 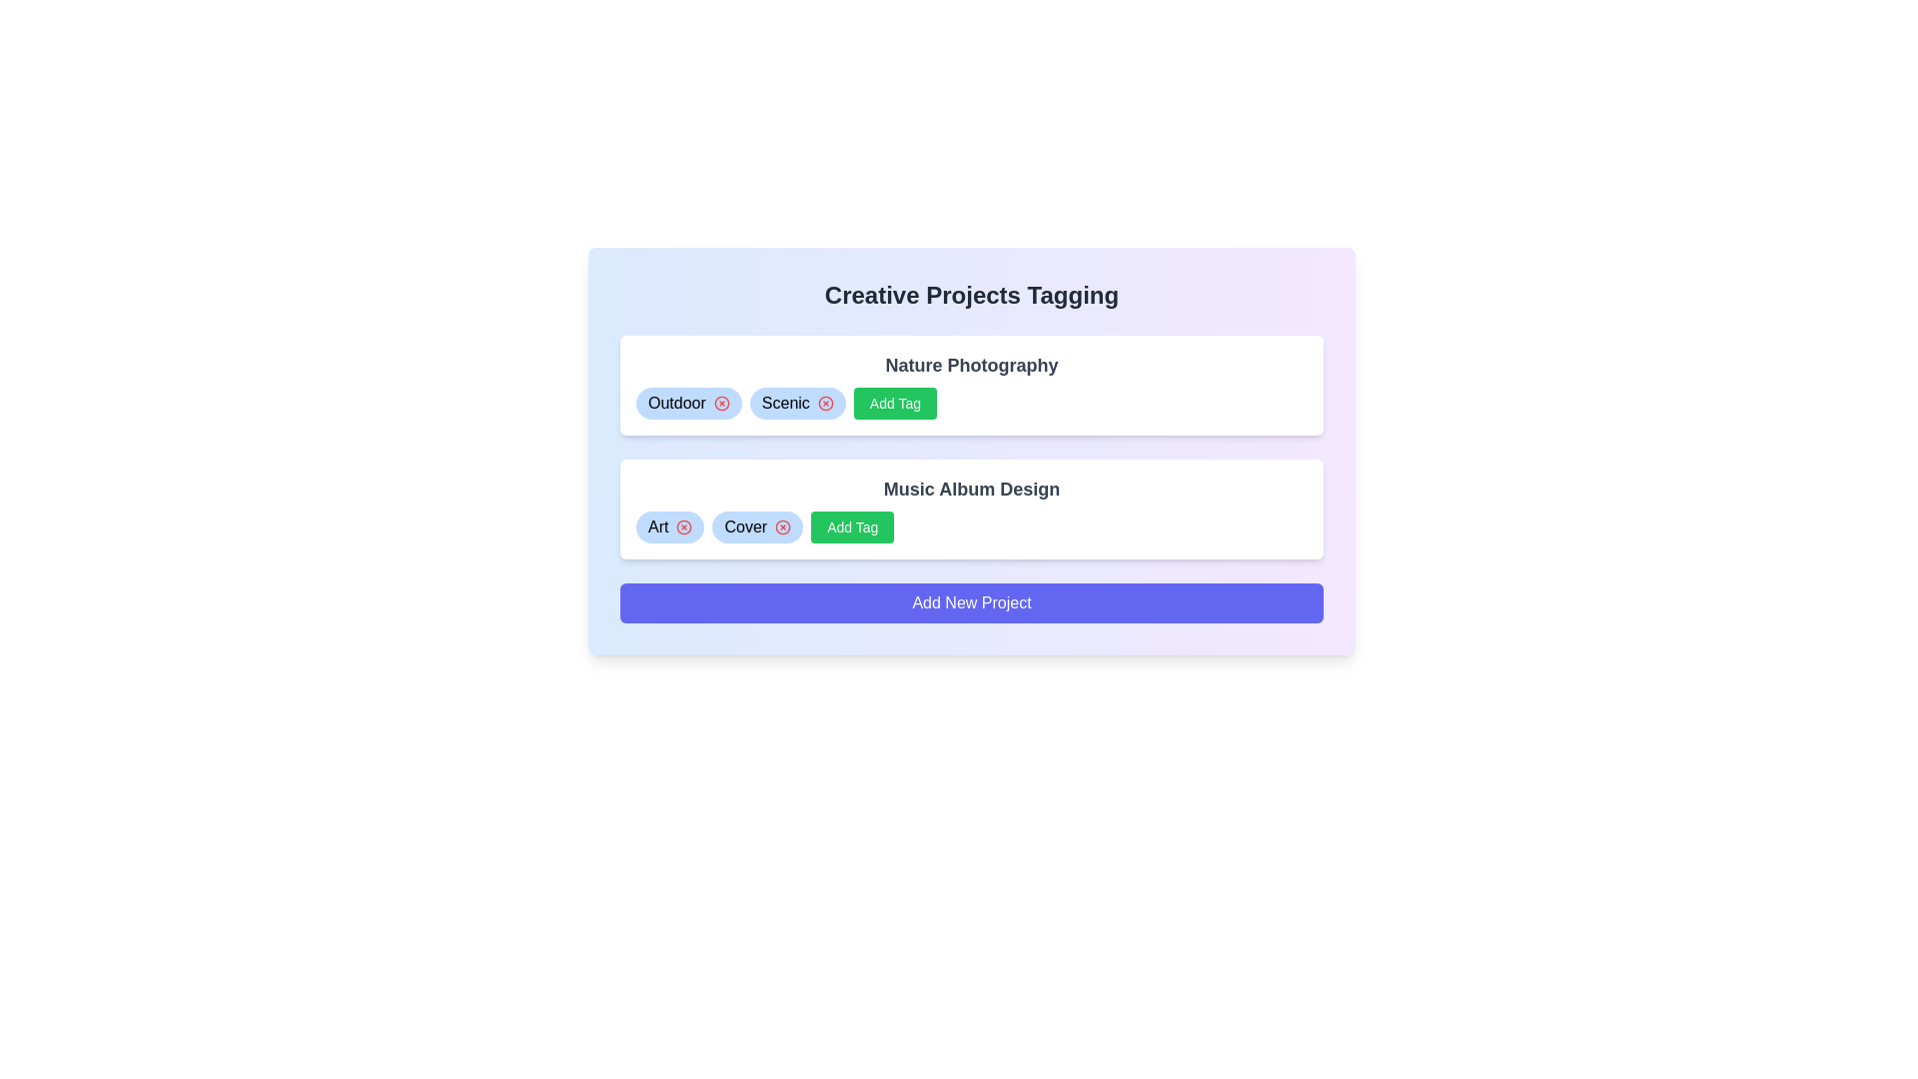 I want to click on the remove icon located at the far-right side of the 'Cover' label within a blue rounded rectangle in the second row of tagged items under 'Music Album Design', so click(x=782, y=527).